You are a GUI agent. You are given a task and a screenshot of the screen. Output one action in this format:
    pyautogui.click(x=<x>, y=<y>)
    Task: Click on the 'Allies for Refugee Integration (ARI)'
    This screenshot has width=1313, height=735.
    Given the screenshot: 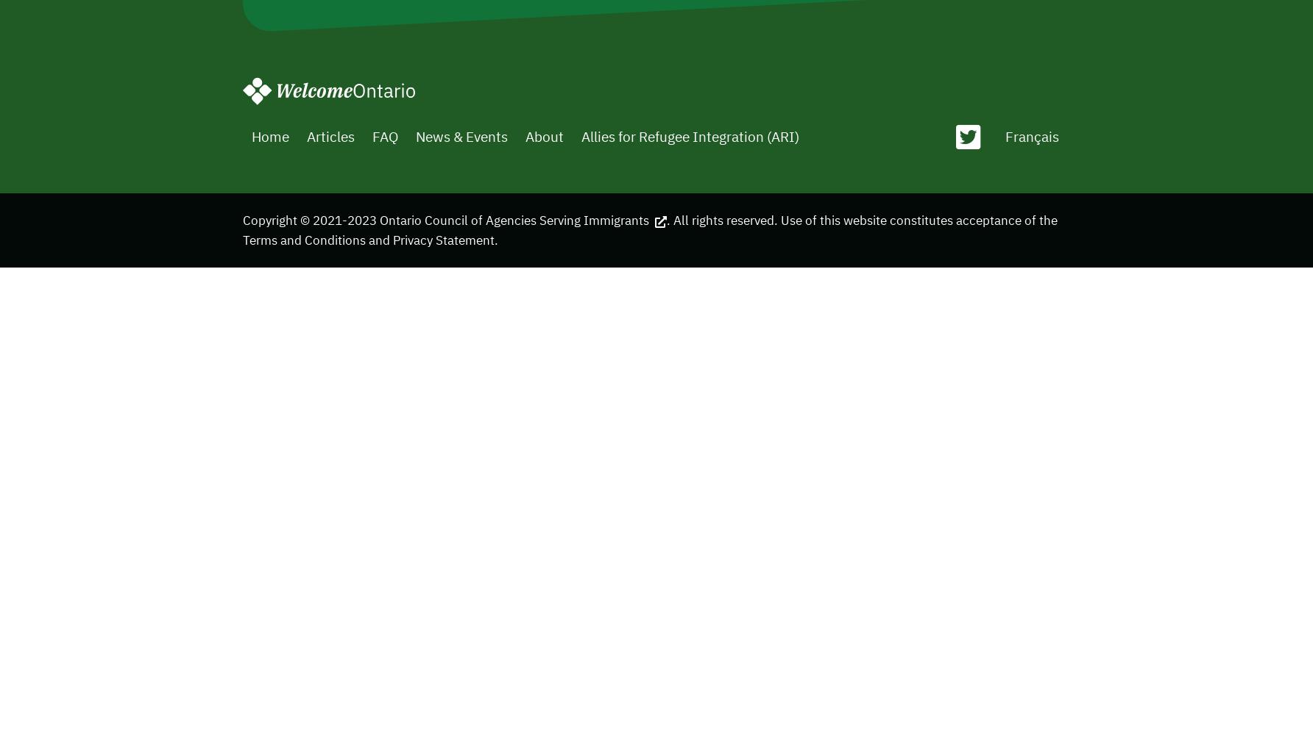 What is the action you would take?
    pyautogui.click(x=689, y=135)
    